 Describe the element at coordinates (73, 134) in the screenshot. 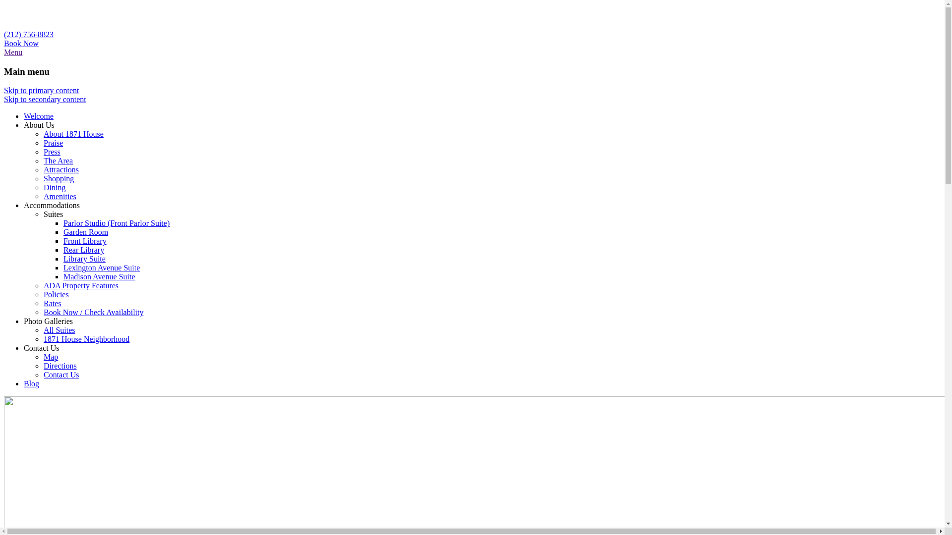

I see `'About 1871 House'` at that location.